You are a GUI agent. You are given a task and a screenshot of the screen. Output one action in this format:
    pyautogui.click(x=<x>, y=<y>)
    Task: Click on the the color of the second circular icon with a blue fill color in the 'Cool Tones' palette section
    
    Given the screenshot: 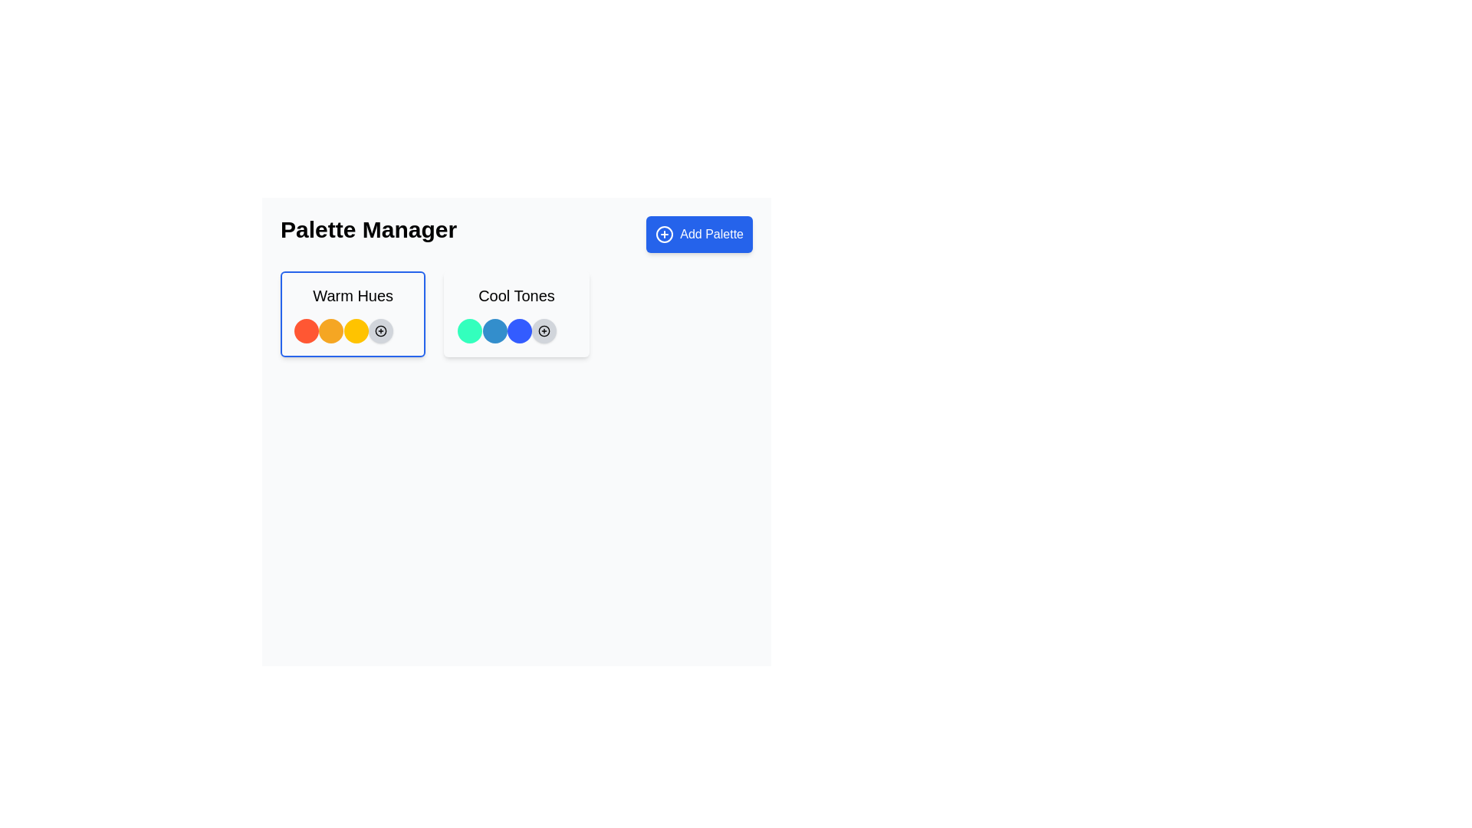 What is the action you would take?
    pyautogui.click(x=495, y=330)
    